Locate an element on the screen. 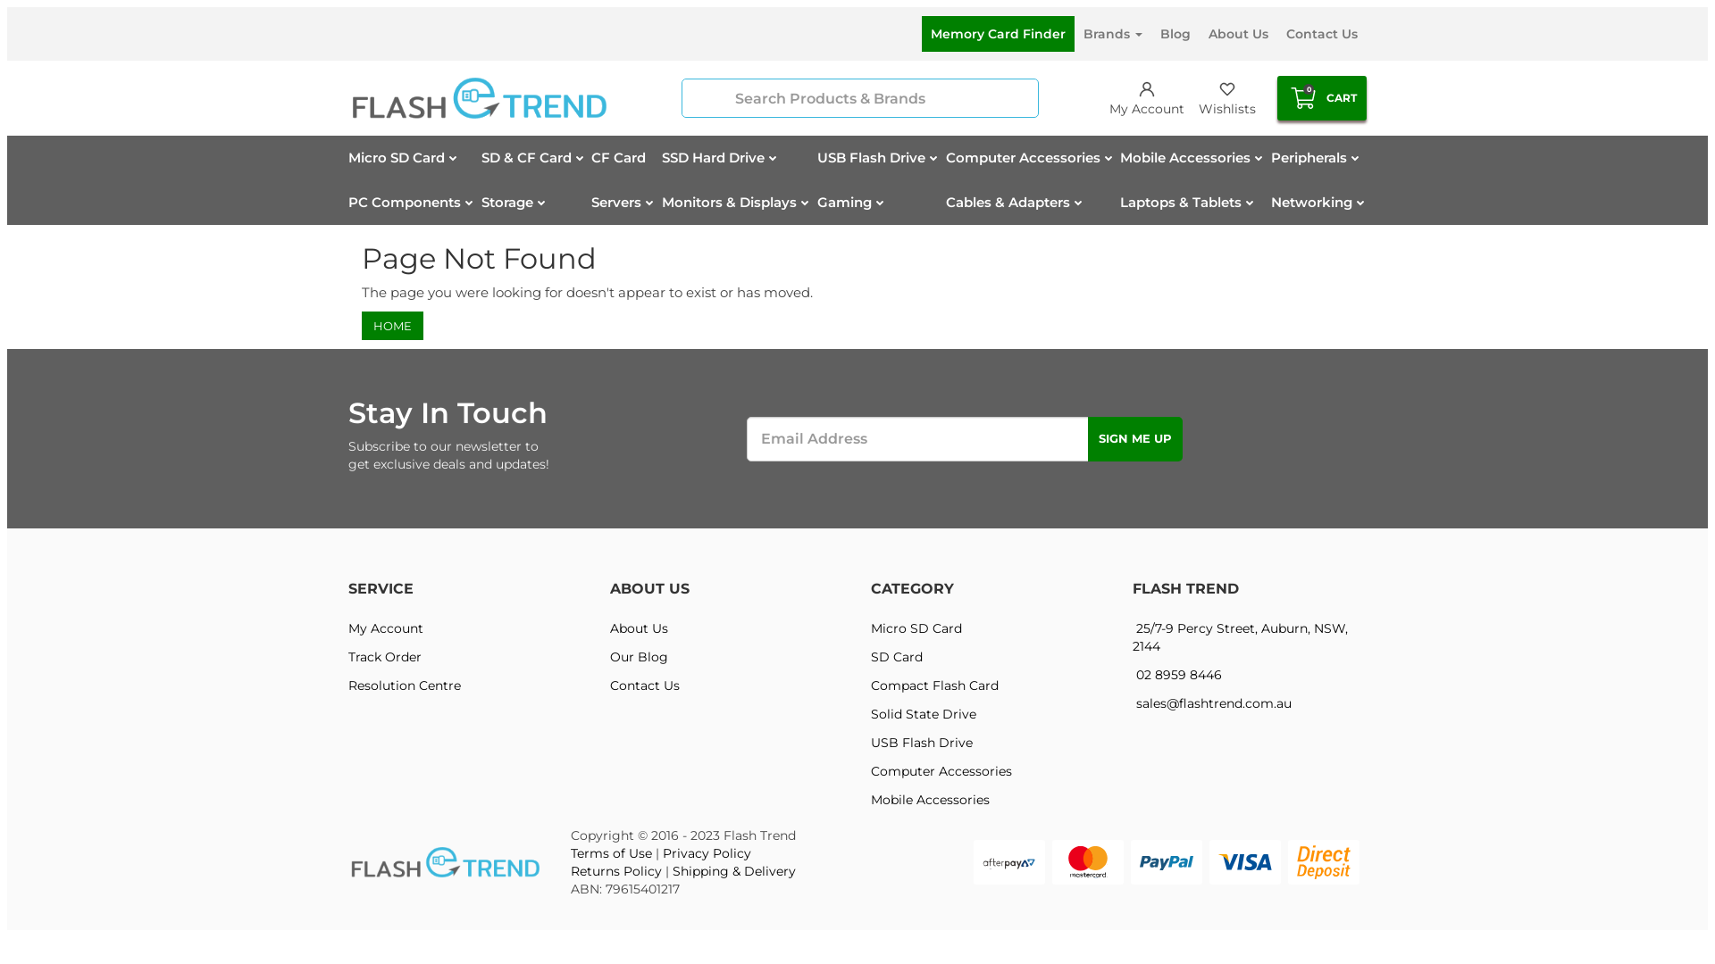 The image size is (1715, 964). 'Mobile Accessories' is located at coordinates (1192, 157).